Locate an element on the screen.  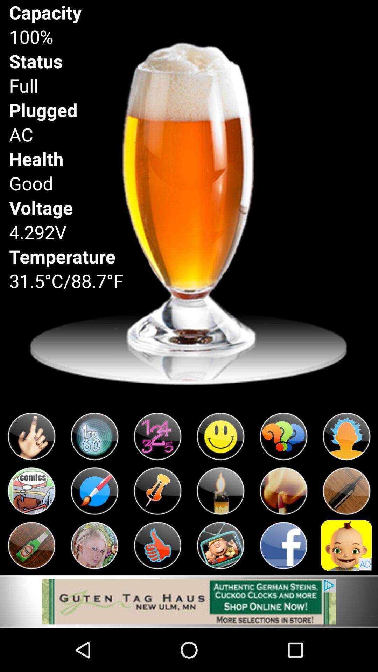
click the icon is located at coordinates (94, 436).